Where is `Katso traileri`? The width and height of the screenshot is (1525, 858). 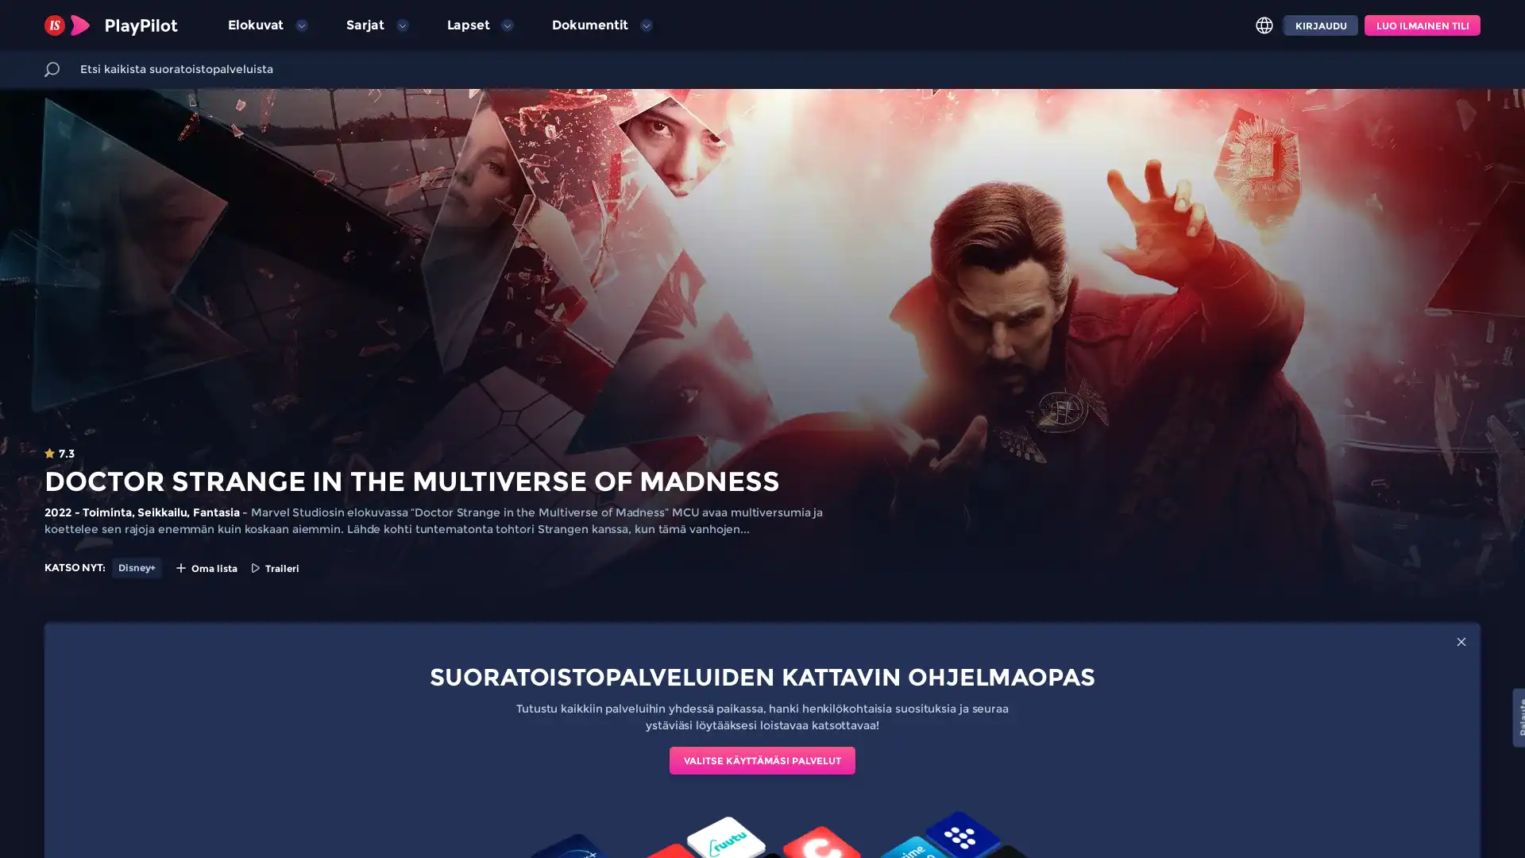
Katso traileri is located at coordinates (274, 566).